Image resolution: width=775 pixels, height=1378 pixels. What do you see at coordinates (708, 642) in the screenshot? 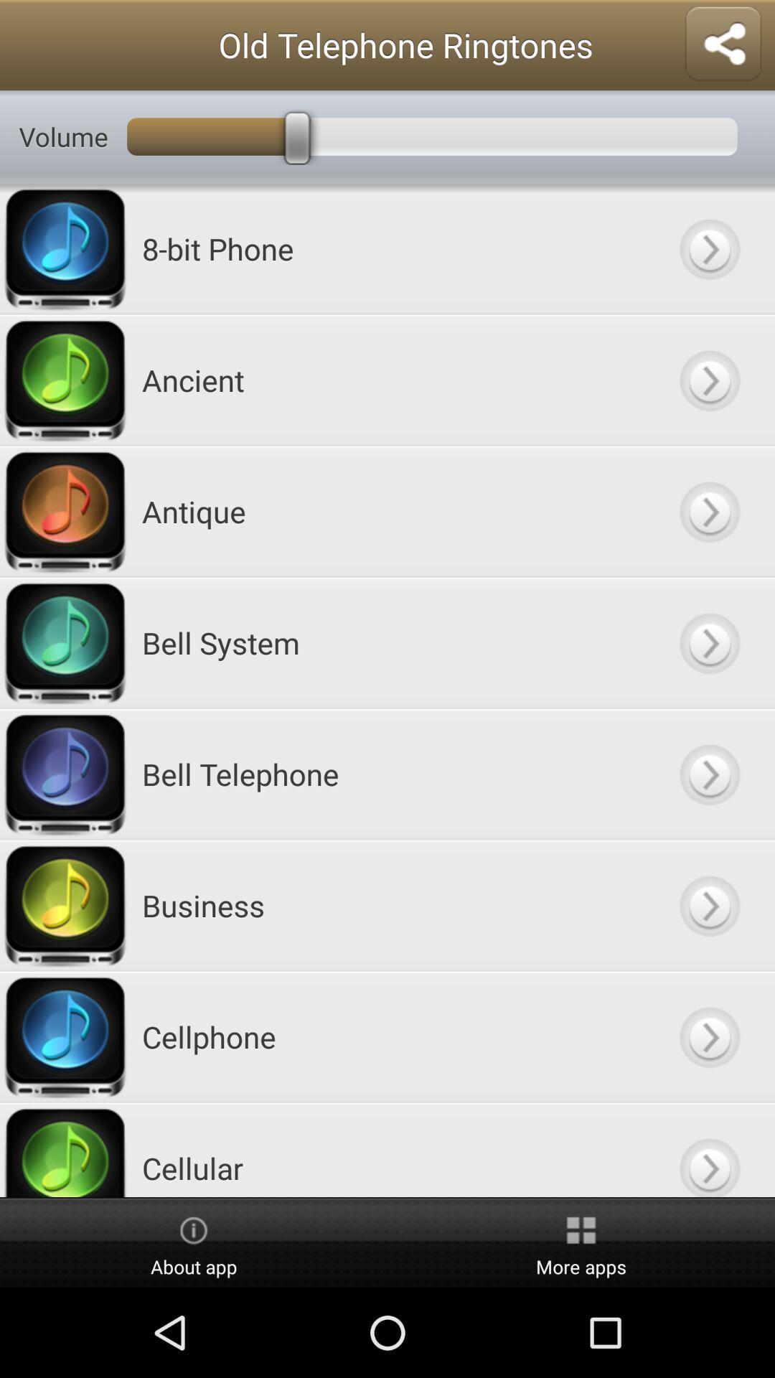
I see `button` at bounding box center [708, 642].